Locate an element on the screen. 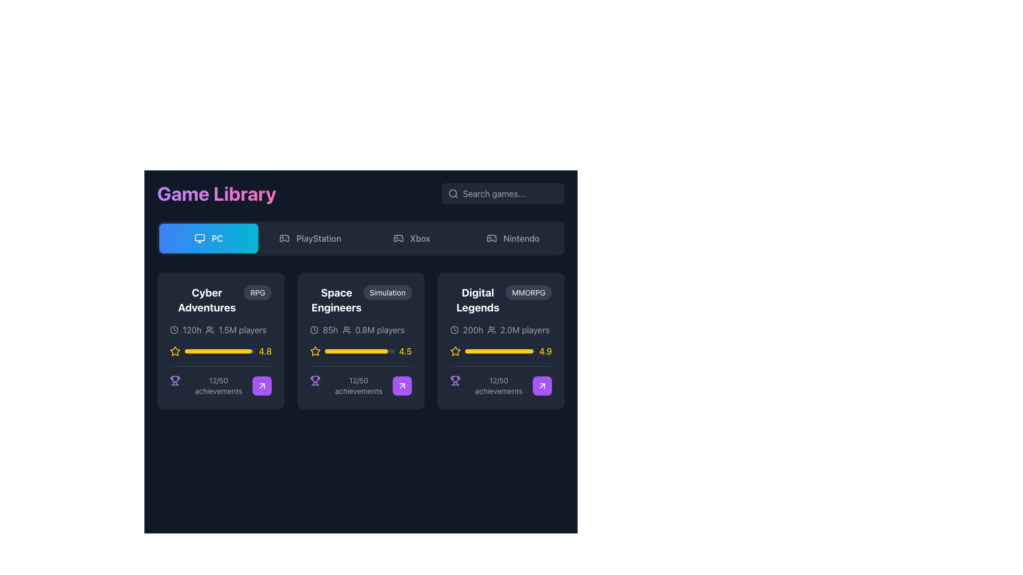 The image size is (1023, 575). the numeric text label '4.5' styled in a bold yellow font, located at the bottom-right of the 'Space Engineers' card, following a yellow progress bar is located at coordinates (405, 351).